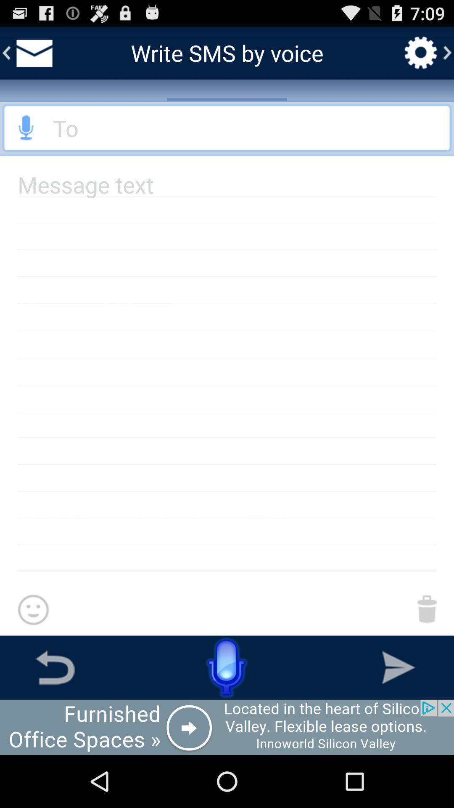 The width and height of the screenshot is (454, 808). What do you see at coordinates (26, 128) in the screenshot?
I see `recipient by voice` at bounding box center [26, 128].